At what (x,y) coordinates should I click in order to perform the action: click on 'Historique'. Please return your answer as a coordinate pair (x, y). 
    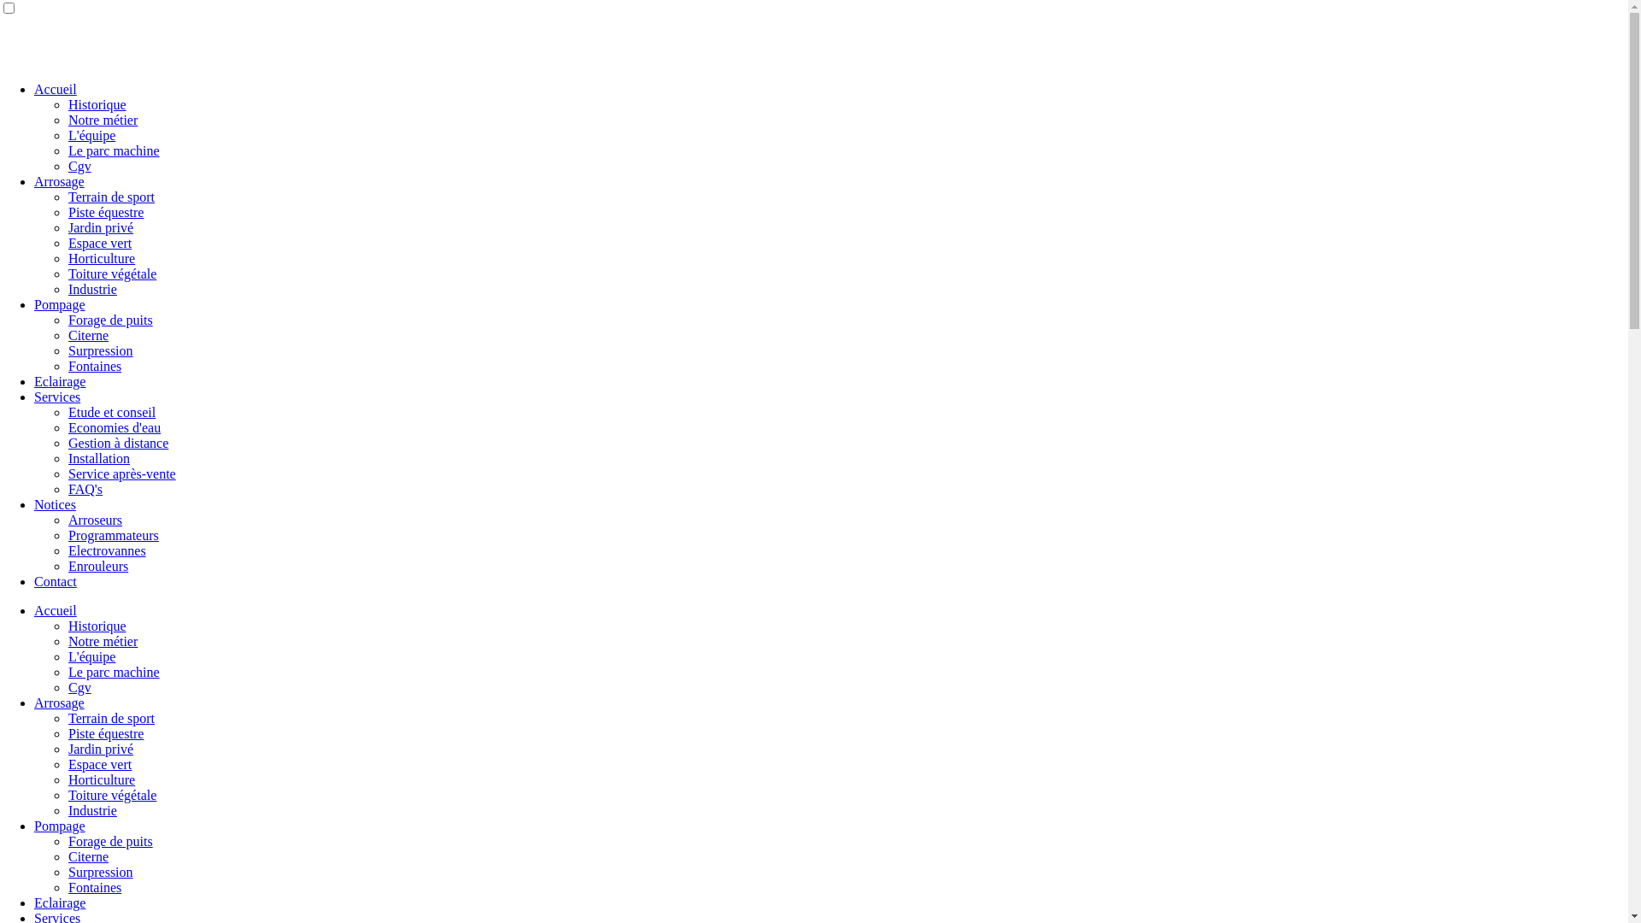
    Looking at the image, I should click on (97, 104).